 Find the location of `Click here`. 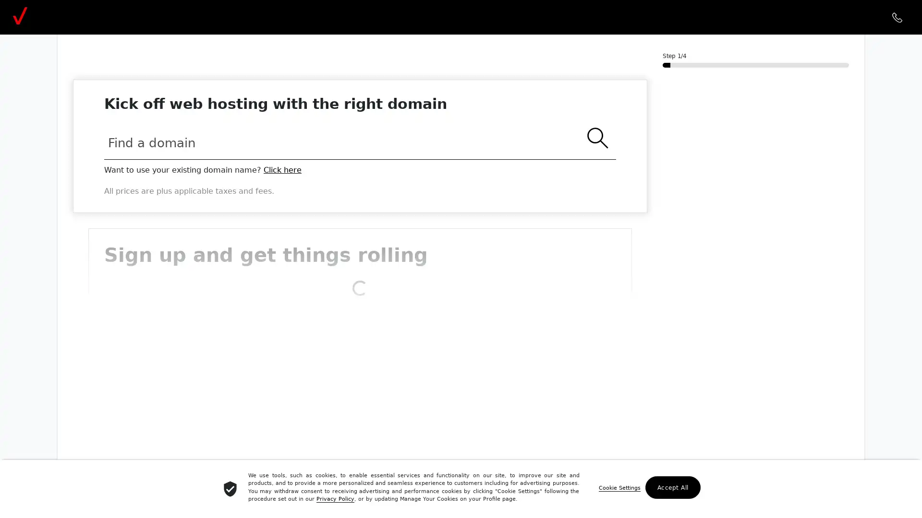

Click here is located at coordinates (282, 169).